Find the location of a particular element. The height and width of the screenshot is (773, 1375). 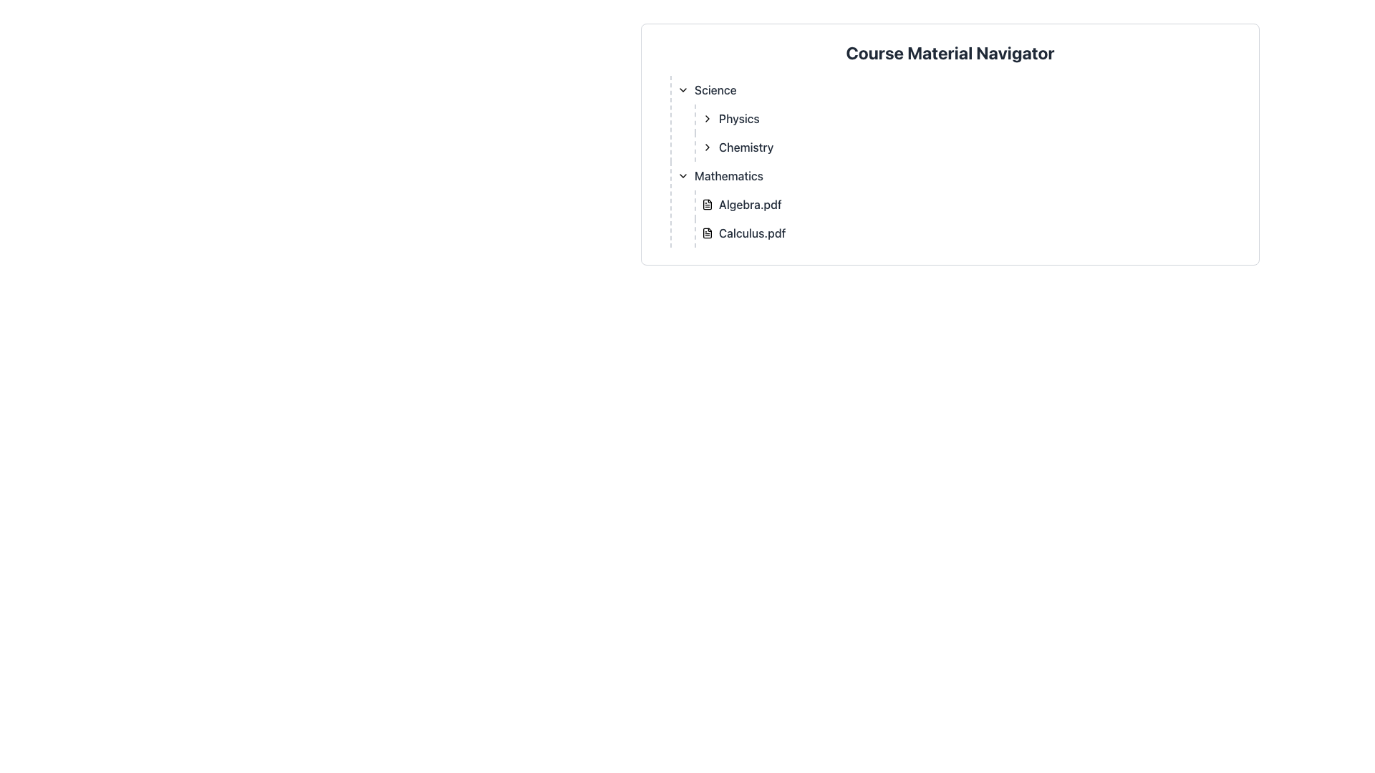

the 'Physics' text label, which is a medium-weight gray text indicating a course material under the 'Science' category in a tree-like interface is located at coordinates (739, 117).